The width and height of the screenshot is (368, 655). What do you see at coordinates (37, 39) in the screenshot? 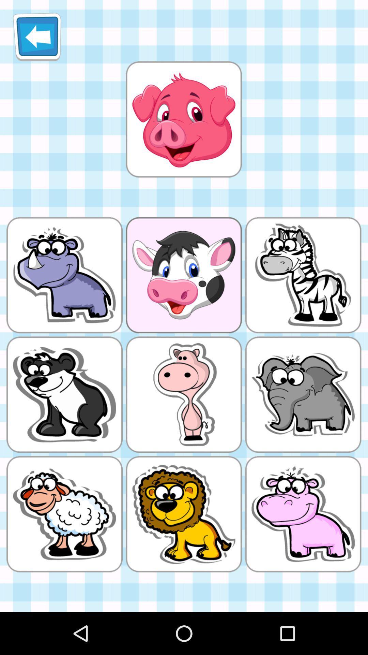
I see `the arrow_backward icon` at bounding box center [37, 39].